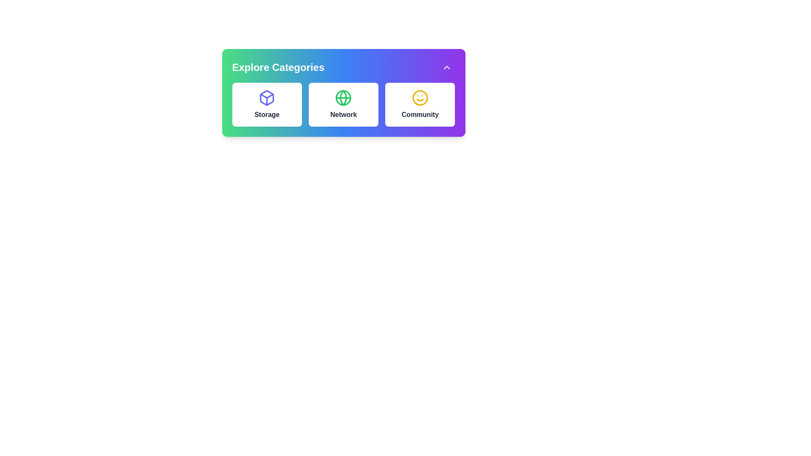 The width and height of the screenshot is (811, 456). What do you see at coordinates (420, 115) in the screenshot?
I see `text content of the 'Community' label, which is styled in bold gray font and positioned beneath a yellow smiley face icon in the card layout` at bounding box center [420, 115].